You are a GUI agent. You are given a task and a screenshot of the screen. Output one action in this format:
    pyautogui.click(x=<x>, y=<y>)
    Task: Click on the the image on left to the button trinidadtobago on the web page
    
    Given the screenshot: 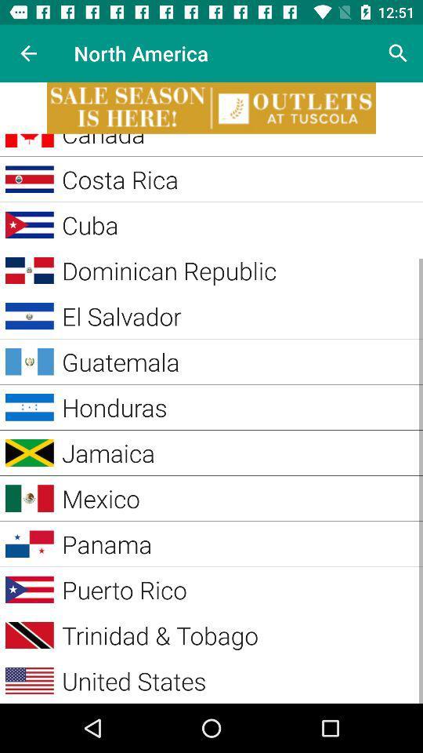 What is the action you would take?
    pyautogui.click(x=30, y=635)
    